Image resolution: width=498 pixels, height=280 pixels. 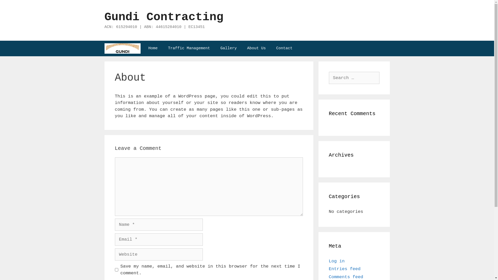 What do you see at coordinates (284, 48) in the screenshot?
I see `'Contact'` at bounding box center [284, 48].